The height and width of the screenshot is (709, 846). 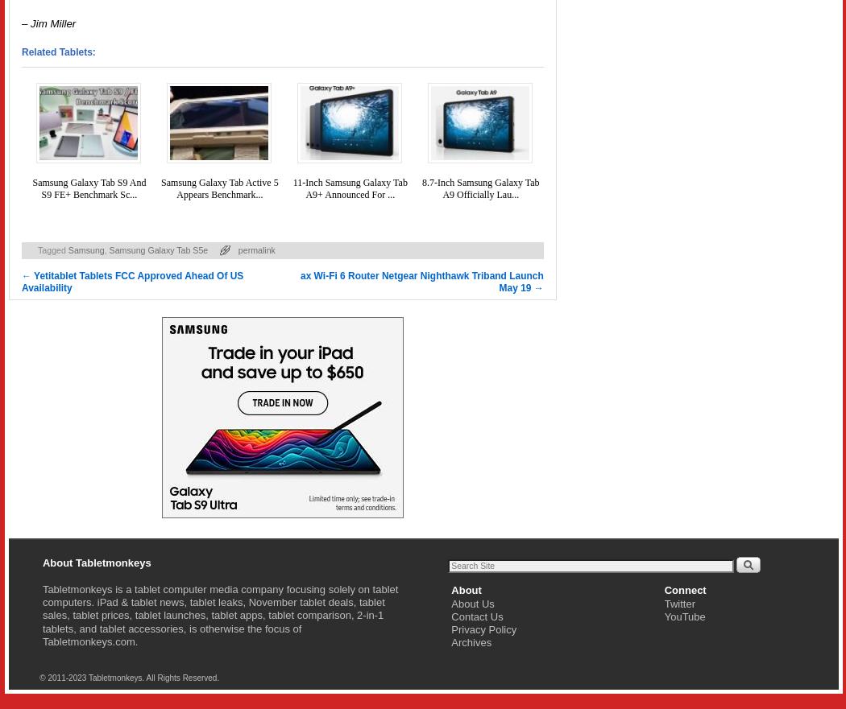 I want to click on 'ax Wi-Fi 6 Router Netgear Nighthawk Triband Launch May 19', so click(x=421, y=281).